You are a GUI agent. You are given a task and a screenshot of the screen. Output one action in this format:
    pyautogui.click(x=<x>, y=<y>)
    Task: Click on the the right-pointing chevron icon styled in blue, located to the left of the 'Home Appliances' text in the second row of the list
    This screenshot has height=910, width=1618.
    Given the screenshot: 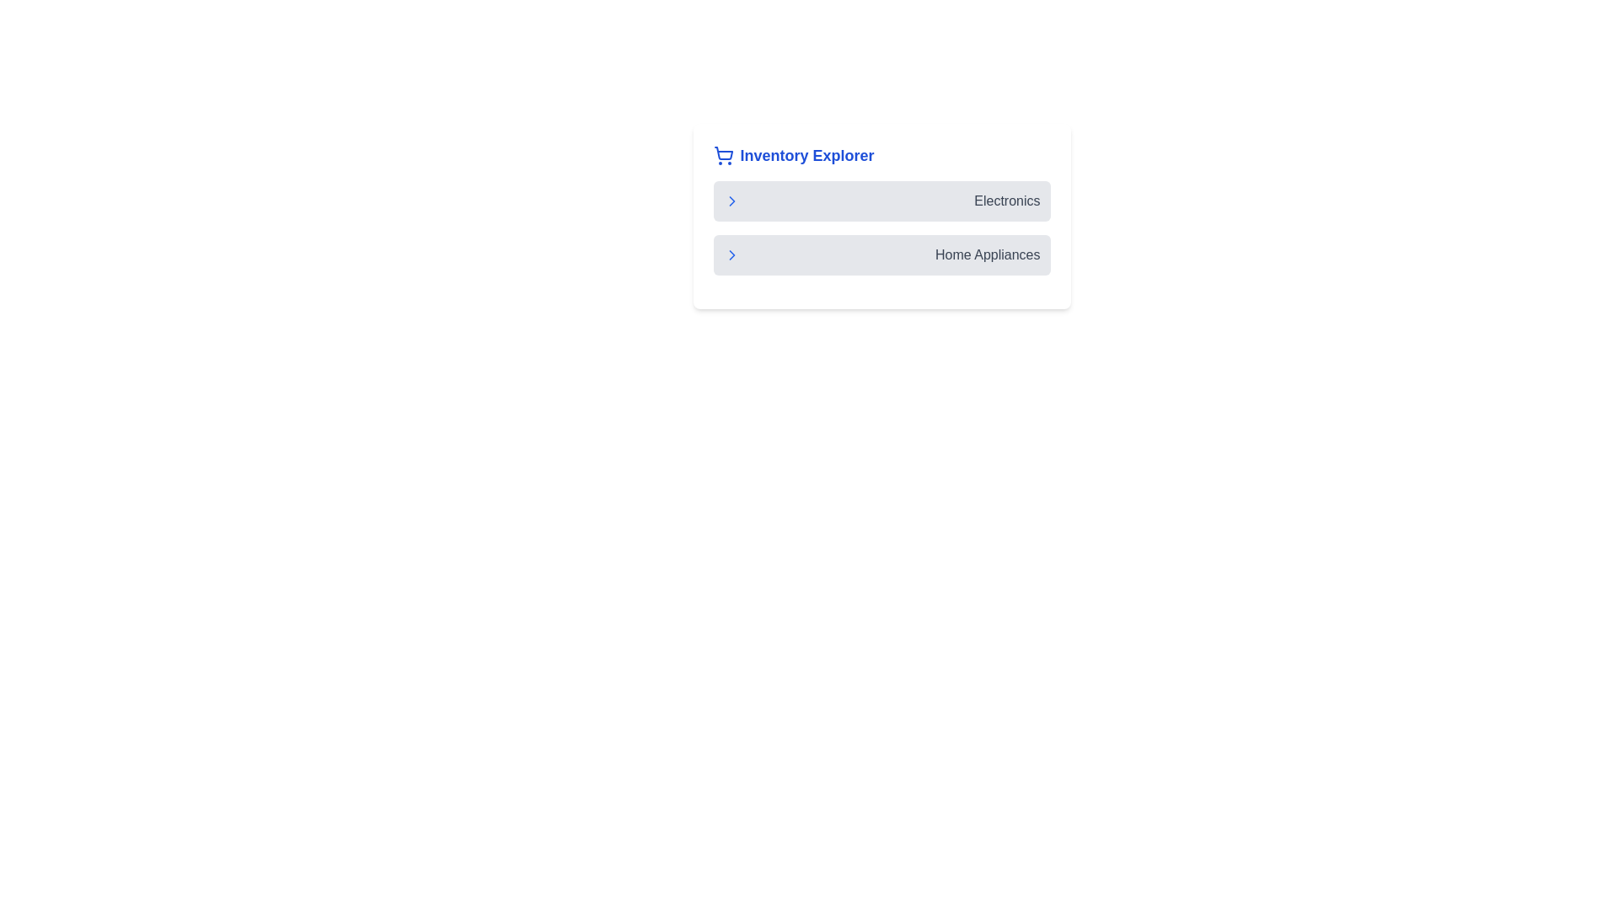 What is the action you would take?
    pyautogui.click(x=731, y=255)
    